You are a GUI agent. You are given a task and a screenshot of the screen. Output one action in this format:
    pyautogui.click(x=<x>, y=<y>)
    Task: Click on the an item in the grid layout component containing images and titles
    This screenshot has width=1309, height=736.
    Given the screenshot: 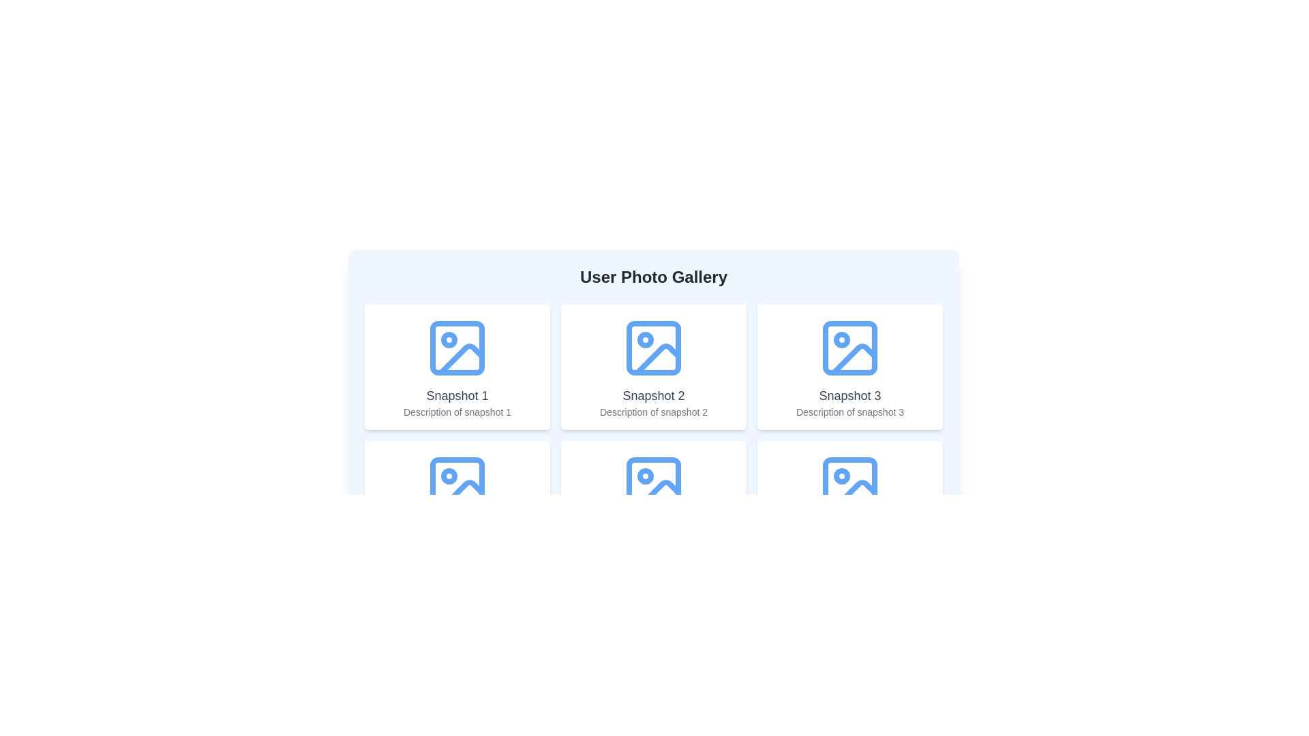 What is the action you would take?
    pyautogui.click(x=653, y=435)
    